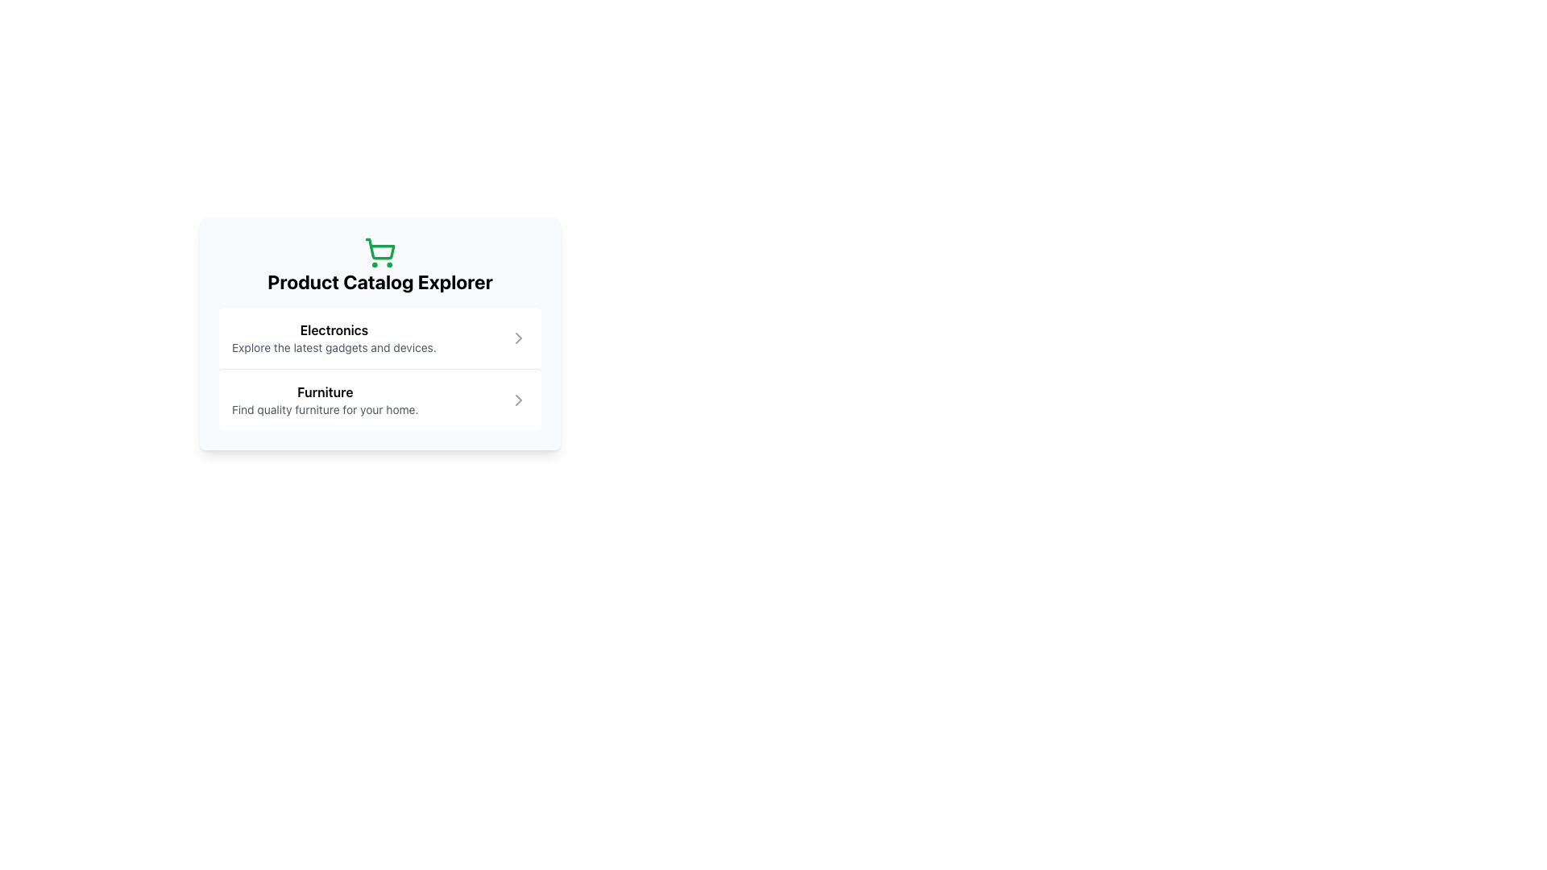 This screenshot has height=870, width=1547. What do you see at coordinates (379, 369) in the screenshot?
I see `the central Divider element that separates the 'Electronics' and 'Furniture' product categories in the Product Catalog Explorer interface` at bounding box center [379, 369].